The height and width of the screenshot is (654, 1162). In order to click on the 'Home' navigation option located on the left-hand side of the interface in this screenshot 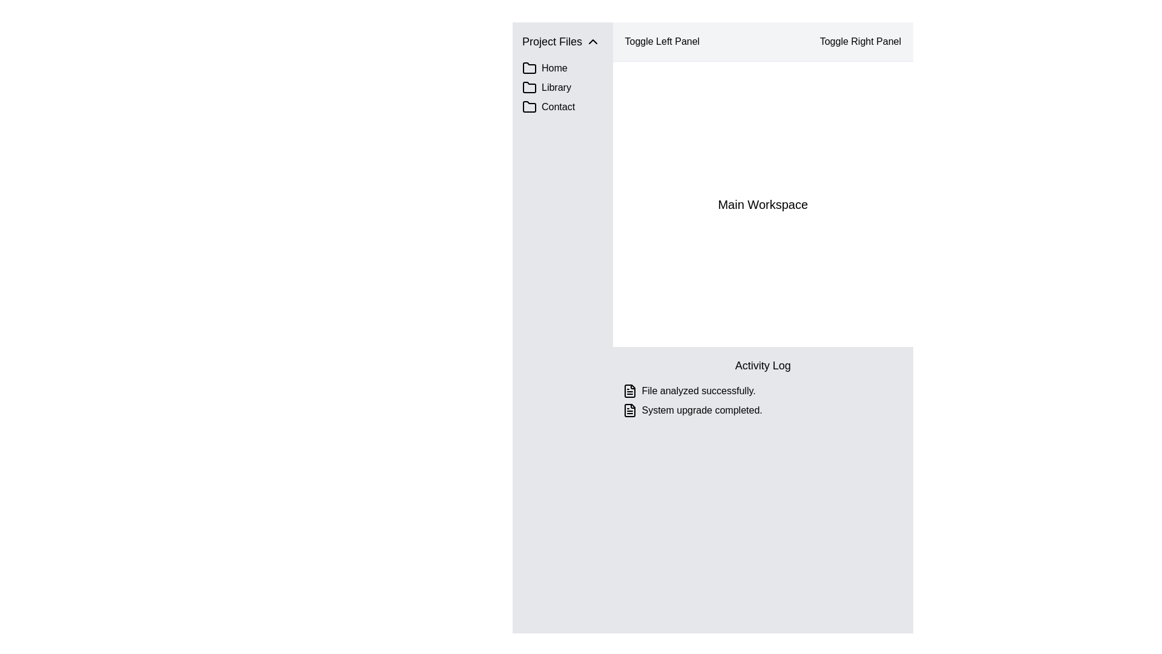, I will do `click(562, 68)`.